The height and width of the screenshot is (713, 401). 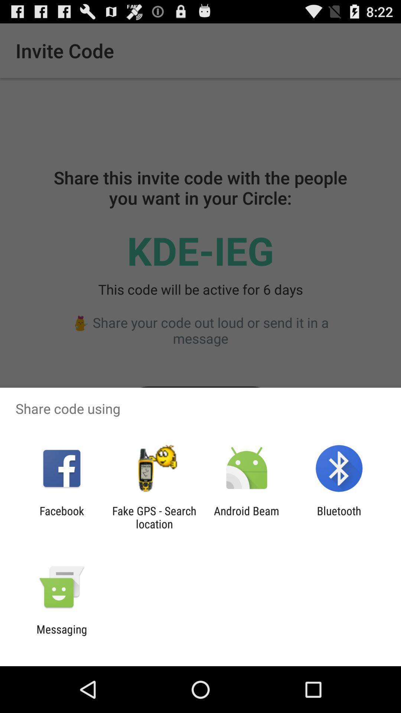 I want to click on app at the bottom right corner, so click(x=339, y=517).